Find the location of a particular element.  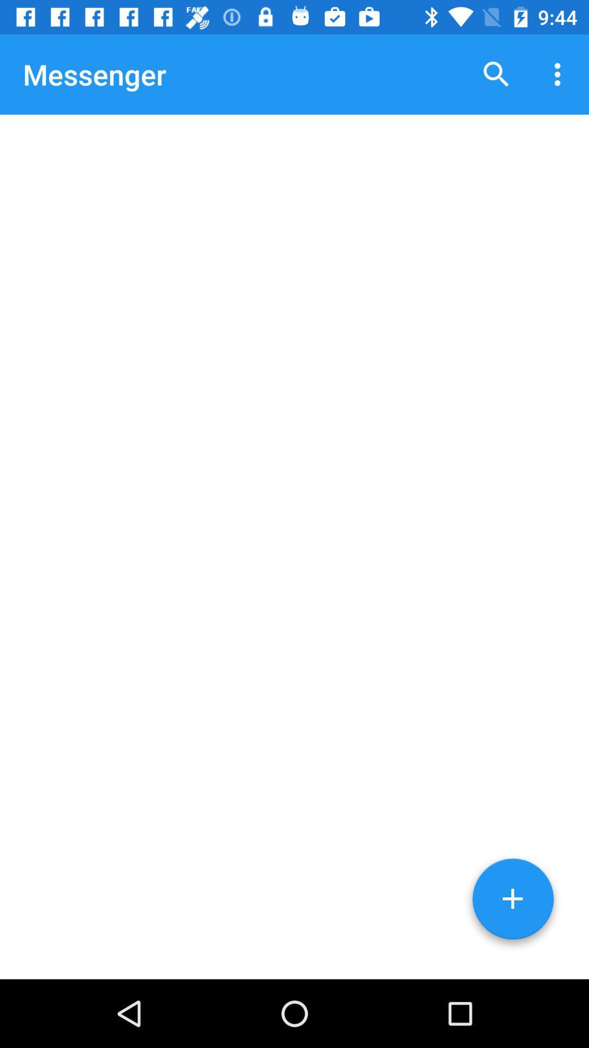

the icon next to the messenger icon is located at coordinates (496, 74).